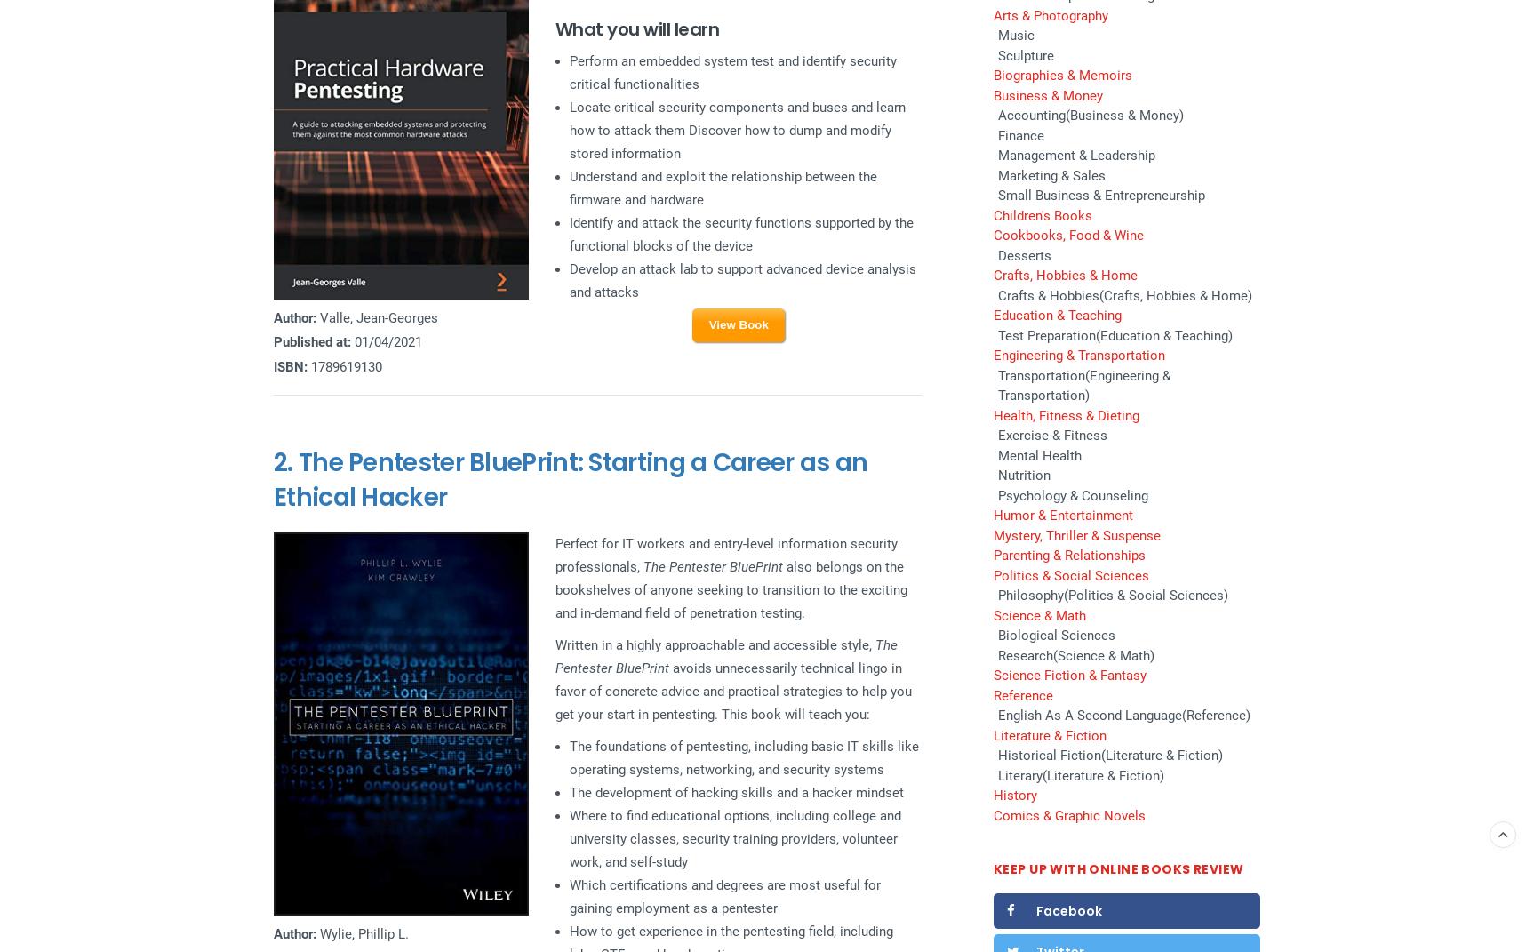 The image size is (1534, 952). I want to click on 'Perfect for IT workers and entry-level information security professionals,', so click(724, 555).